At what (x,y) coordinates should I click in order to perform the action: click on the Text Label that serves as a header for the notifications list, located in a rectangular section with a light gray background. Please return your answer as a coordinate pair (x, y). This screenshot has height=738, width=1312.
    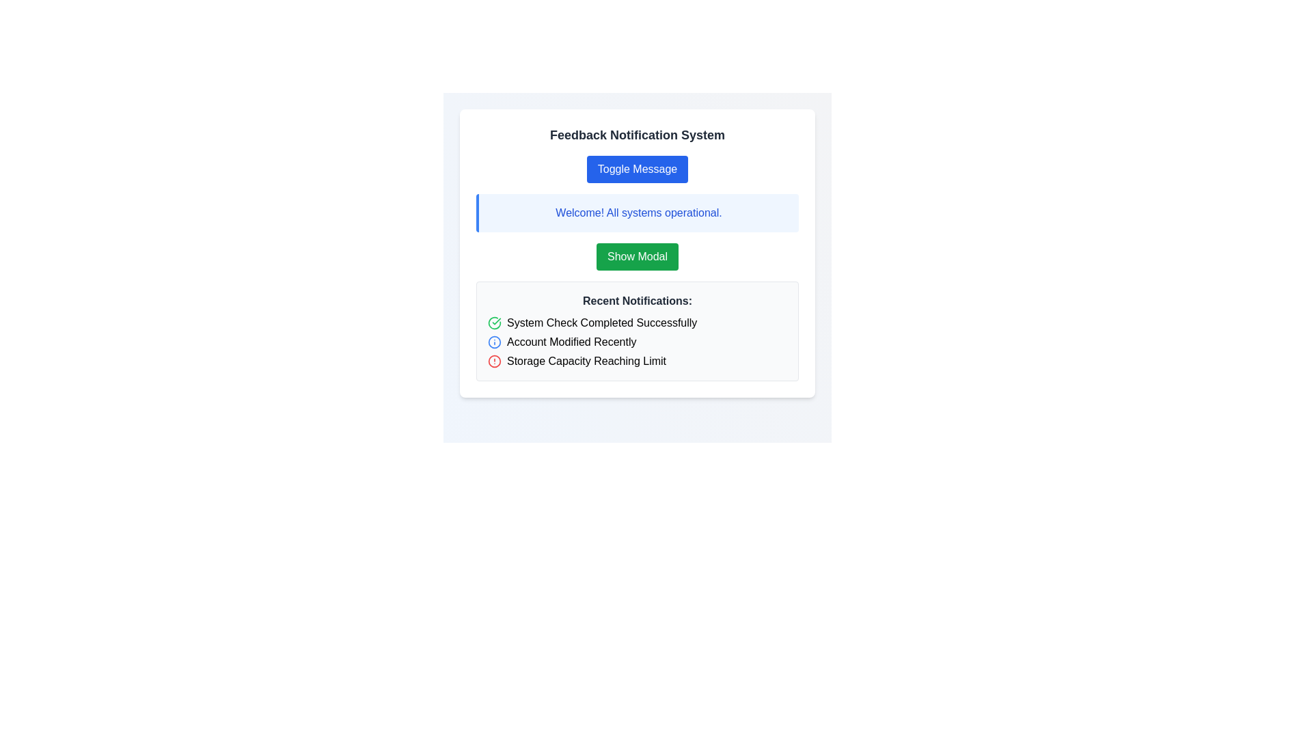
    Looking at the image, I should click on (636, 300).